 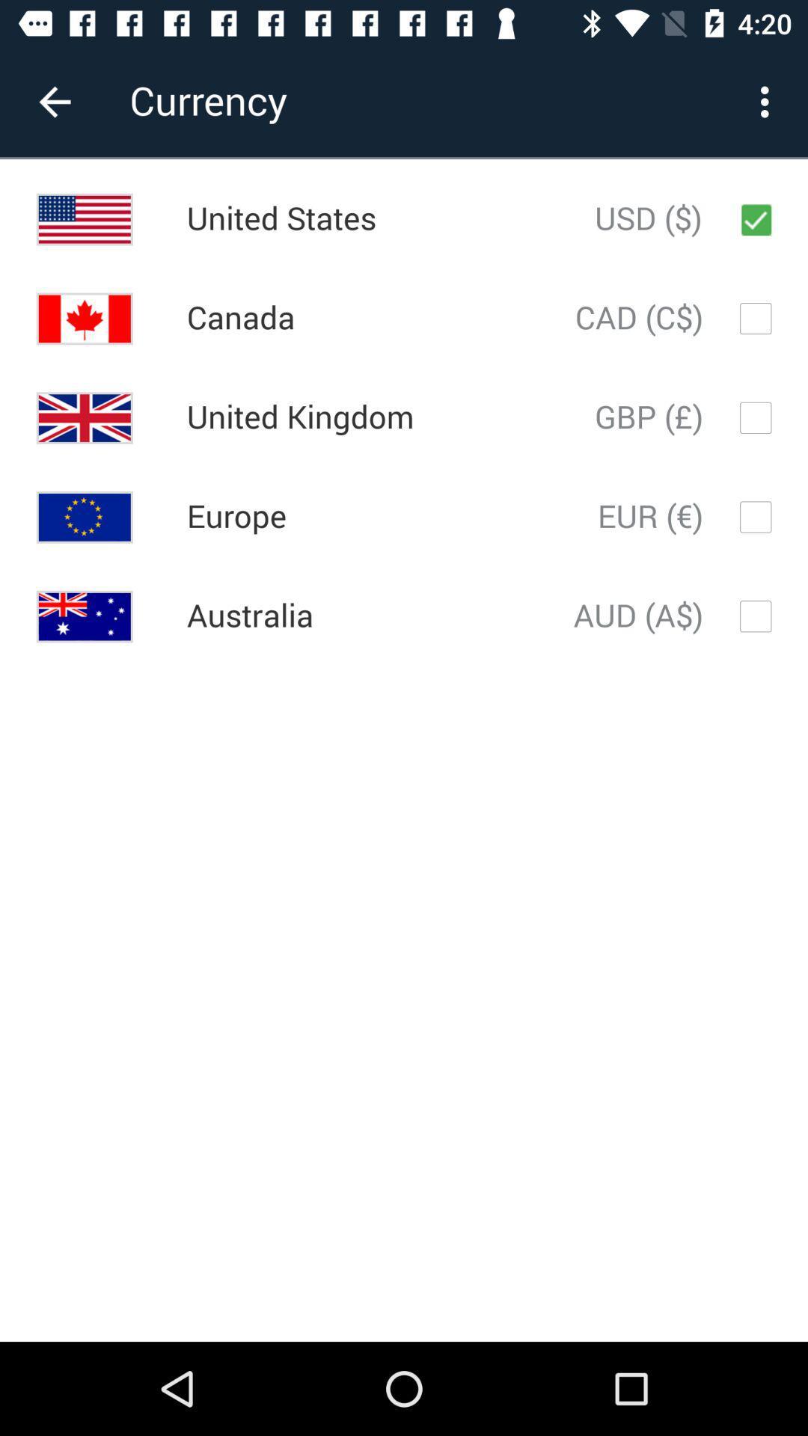 What do you see at coordinates (648, 218) in the screenshot?
I see `item to the right of united states icon` at bounding box center [648, 218].